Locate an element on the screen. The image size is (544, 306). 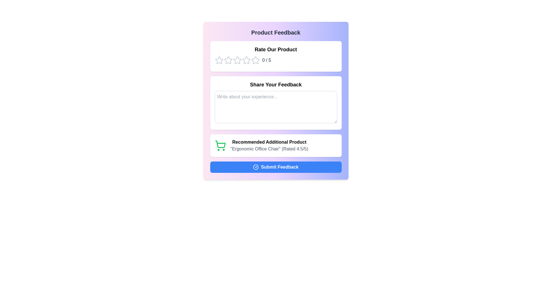
the second star in the rating system to rate it, which is styled in light gray and located within the card labeled 'Rate Our Product' is located at coordinates (228, 60).